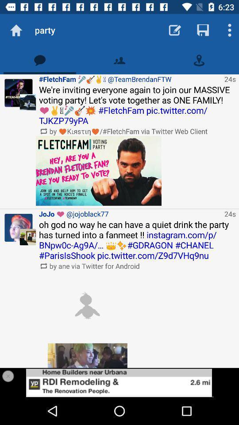 This screenshot has height=425, width=239. What do you see at coordinates (119, 60) in the screenshot?
I see `show friends` at bounding box center [119, 60].